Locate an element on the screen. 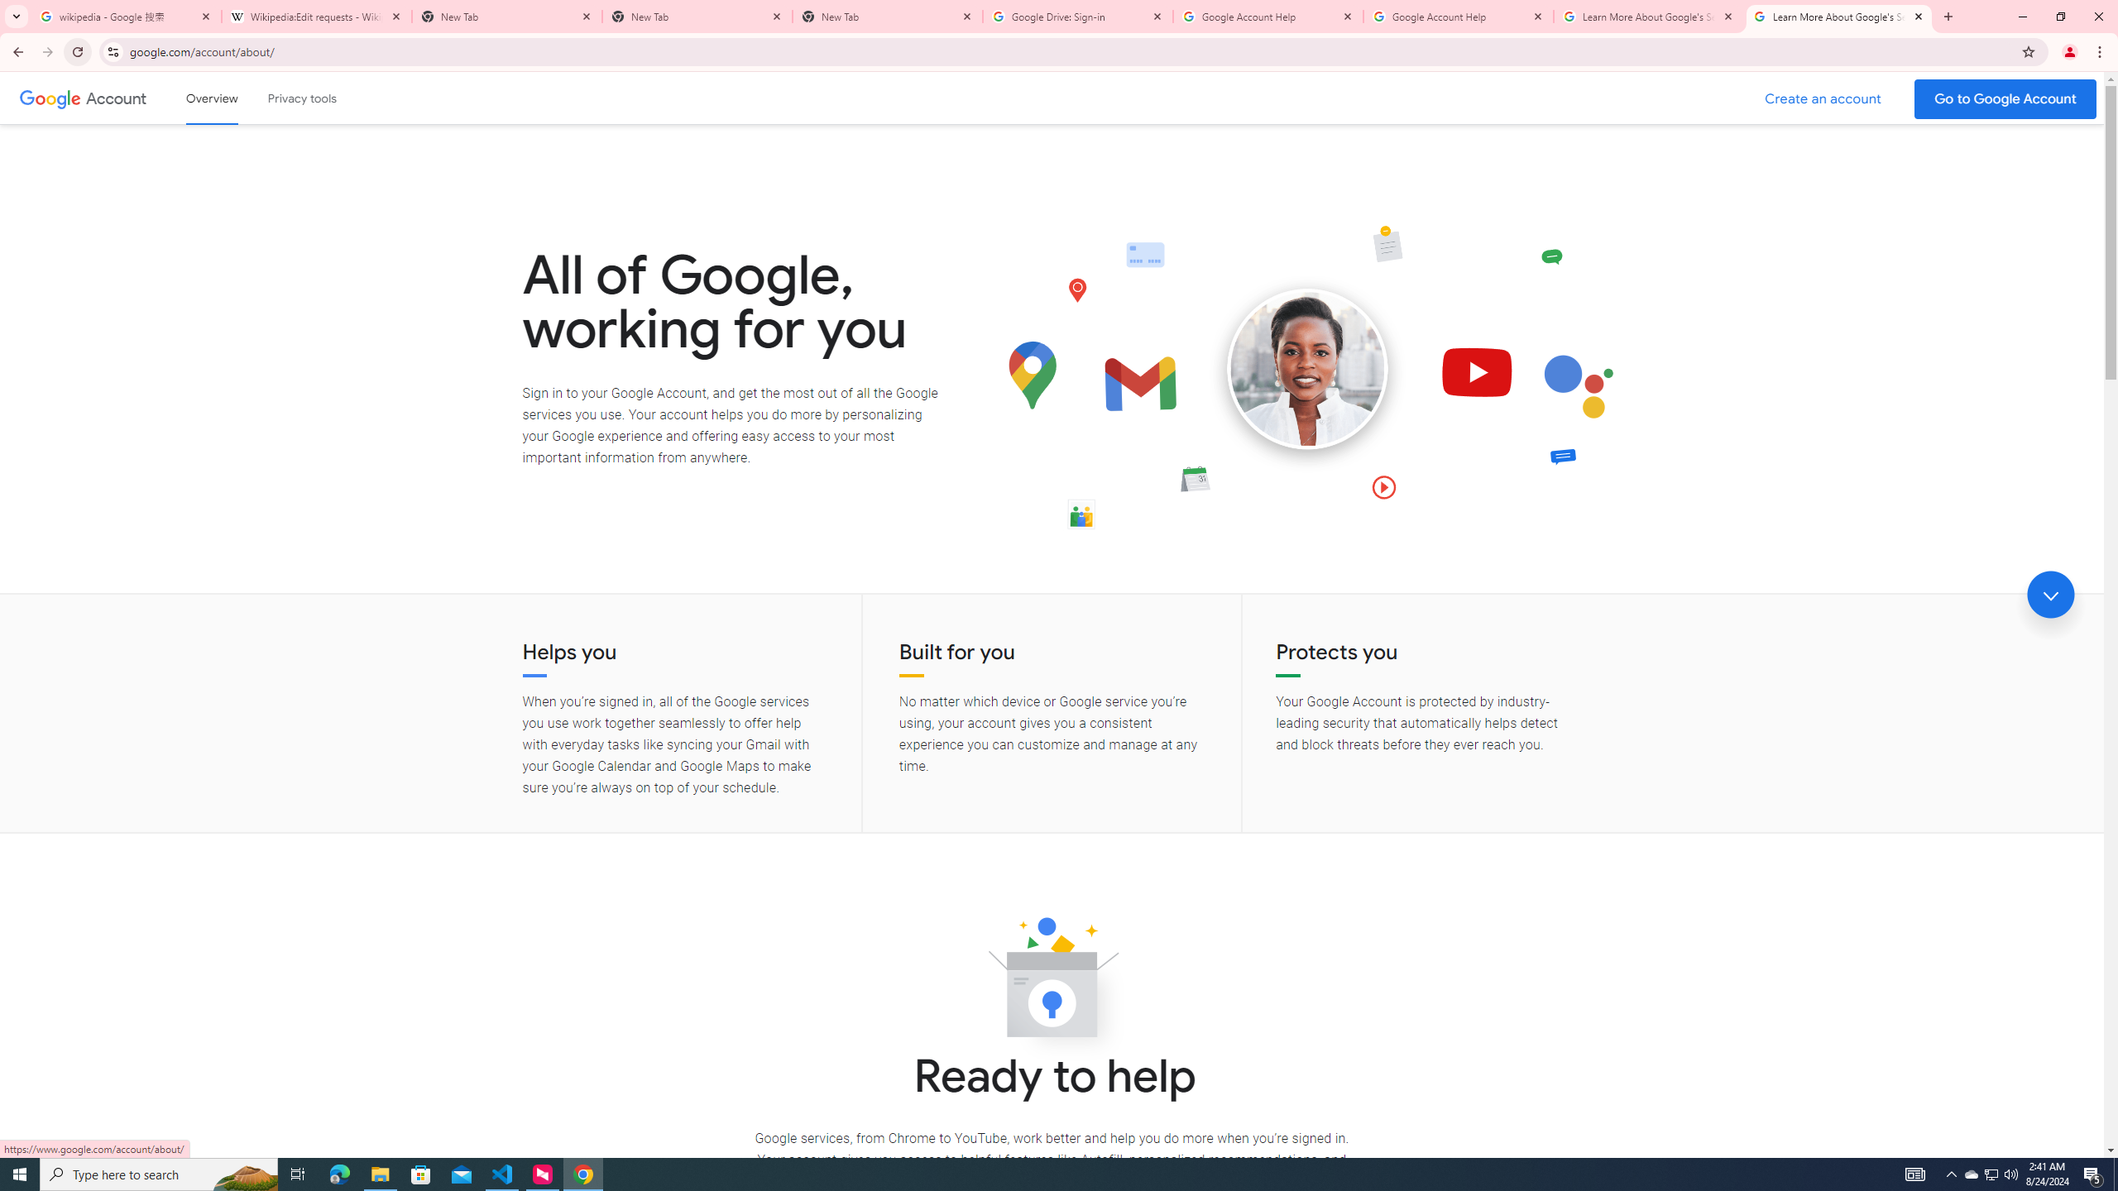 Image resolution: width=2118 pixels, height=1191 pixels. 'Google Account' is located at coordinates (117, 98).